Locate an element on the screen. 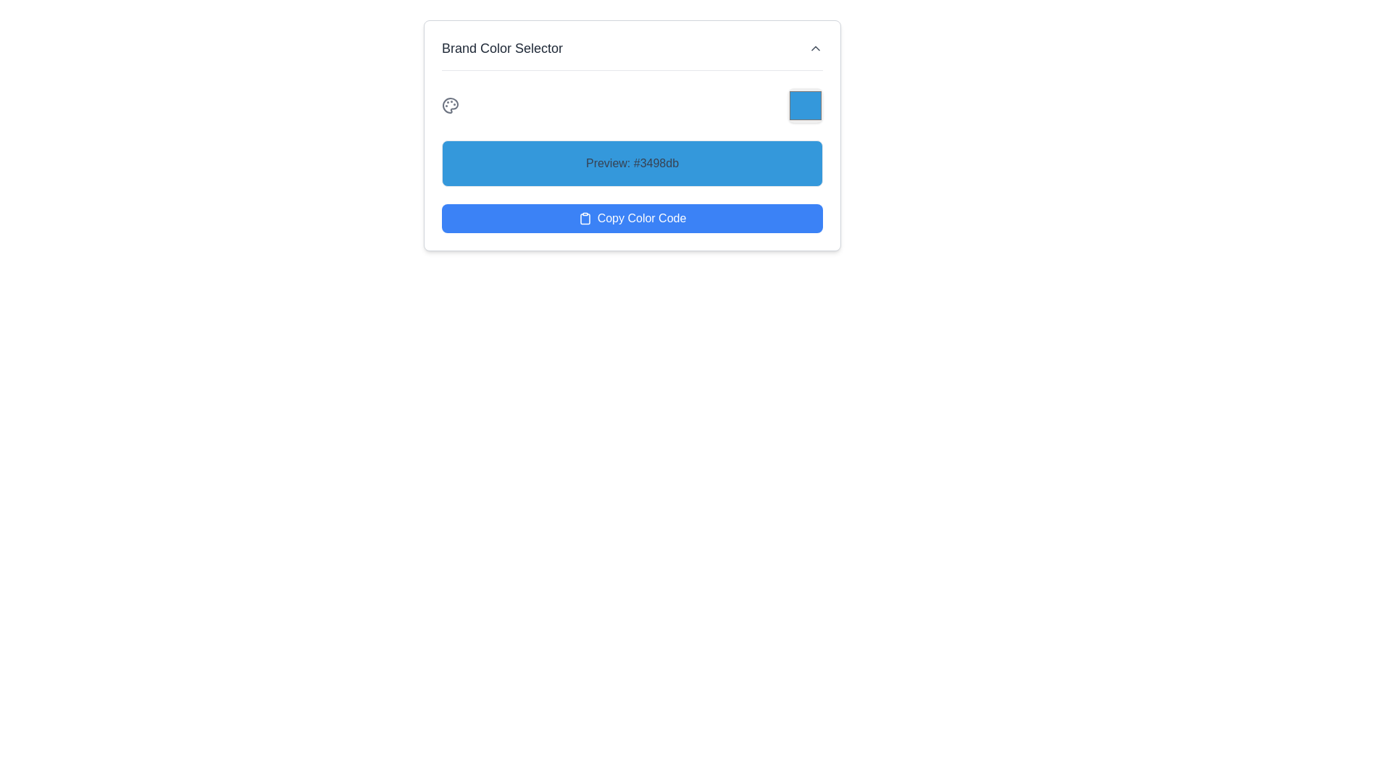 Image resolution: width=1391 pixels, height=782 pixels. the blue rectangular box with rounded corners that displays the text 'Preview: #3498db' is located at coordinates (632, 163).